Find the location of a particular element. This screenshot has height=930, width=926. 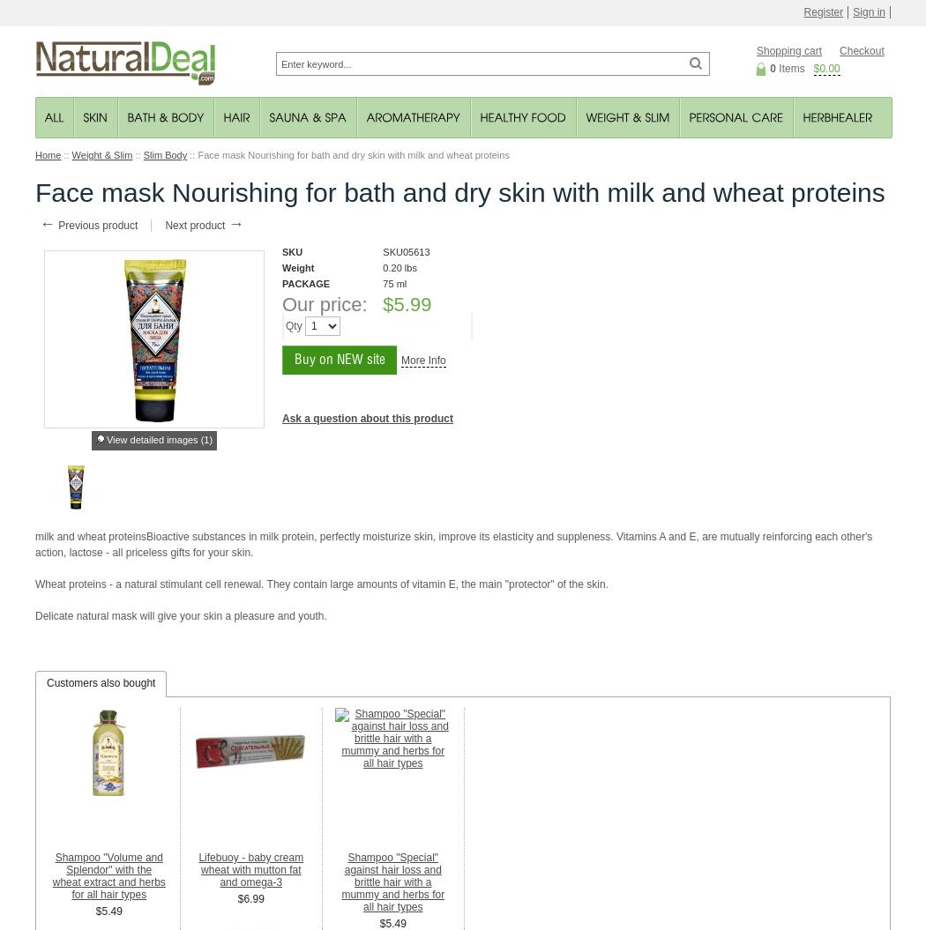

'Wheat proteins - a natural stimulant cell renewal. They contain large amounts of vitamin E, the main "protector" of the skin.' is located at coordinates (320, 583).